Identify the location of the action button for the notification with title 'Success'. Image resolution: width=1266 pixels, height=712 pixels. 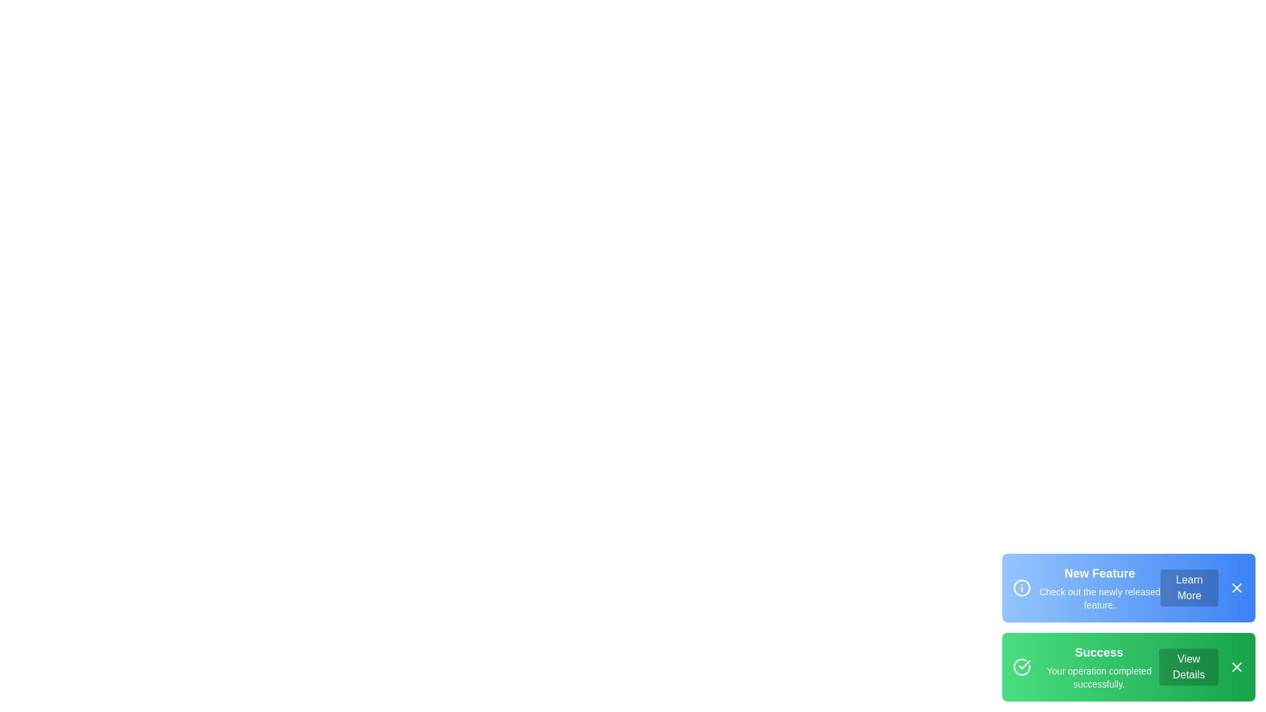
(1188, 667).